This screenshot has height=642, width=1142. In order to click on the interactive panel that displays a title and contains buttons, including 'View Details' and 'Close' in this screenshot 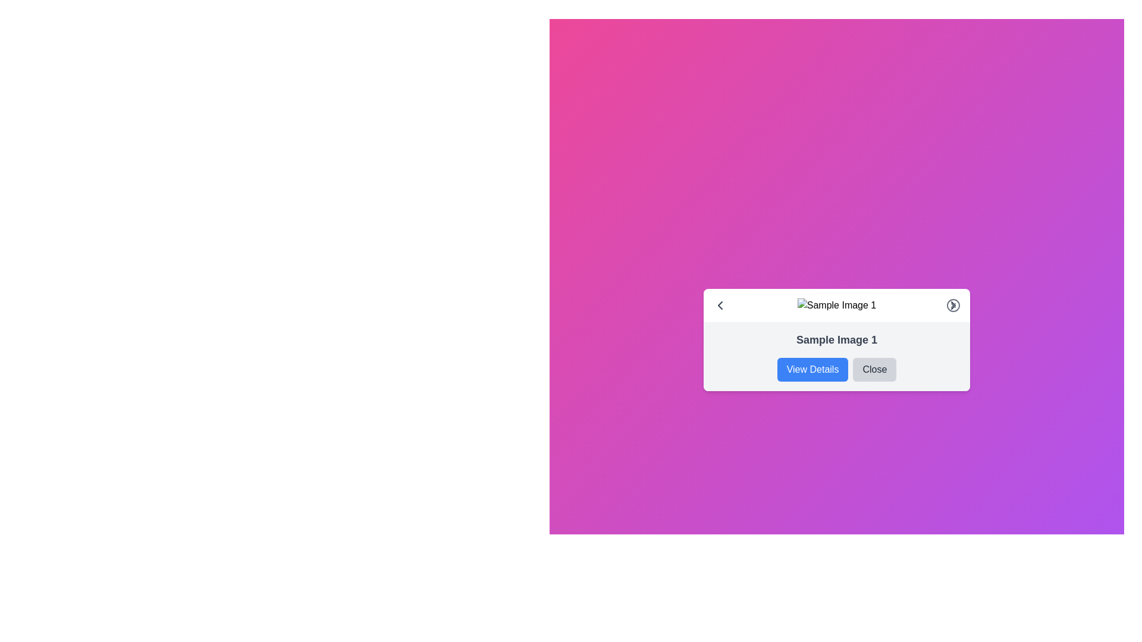, I will do `click(836, 356)`.